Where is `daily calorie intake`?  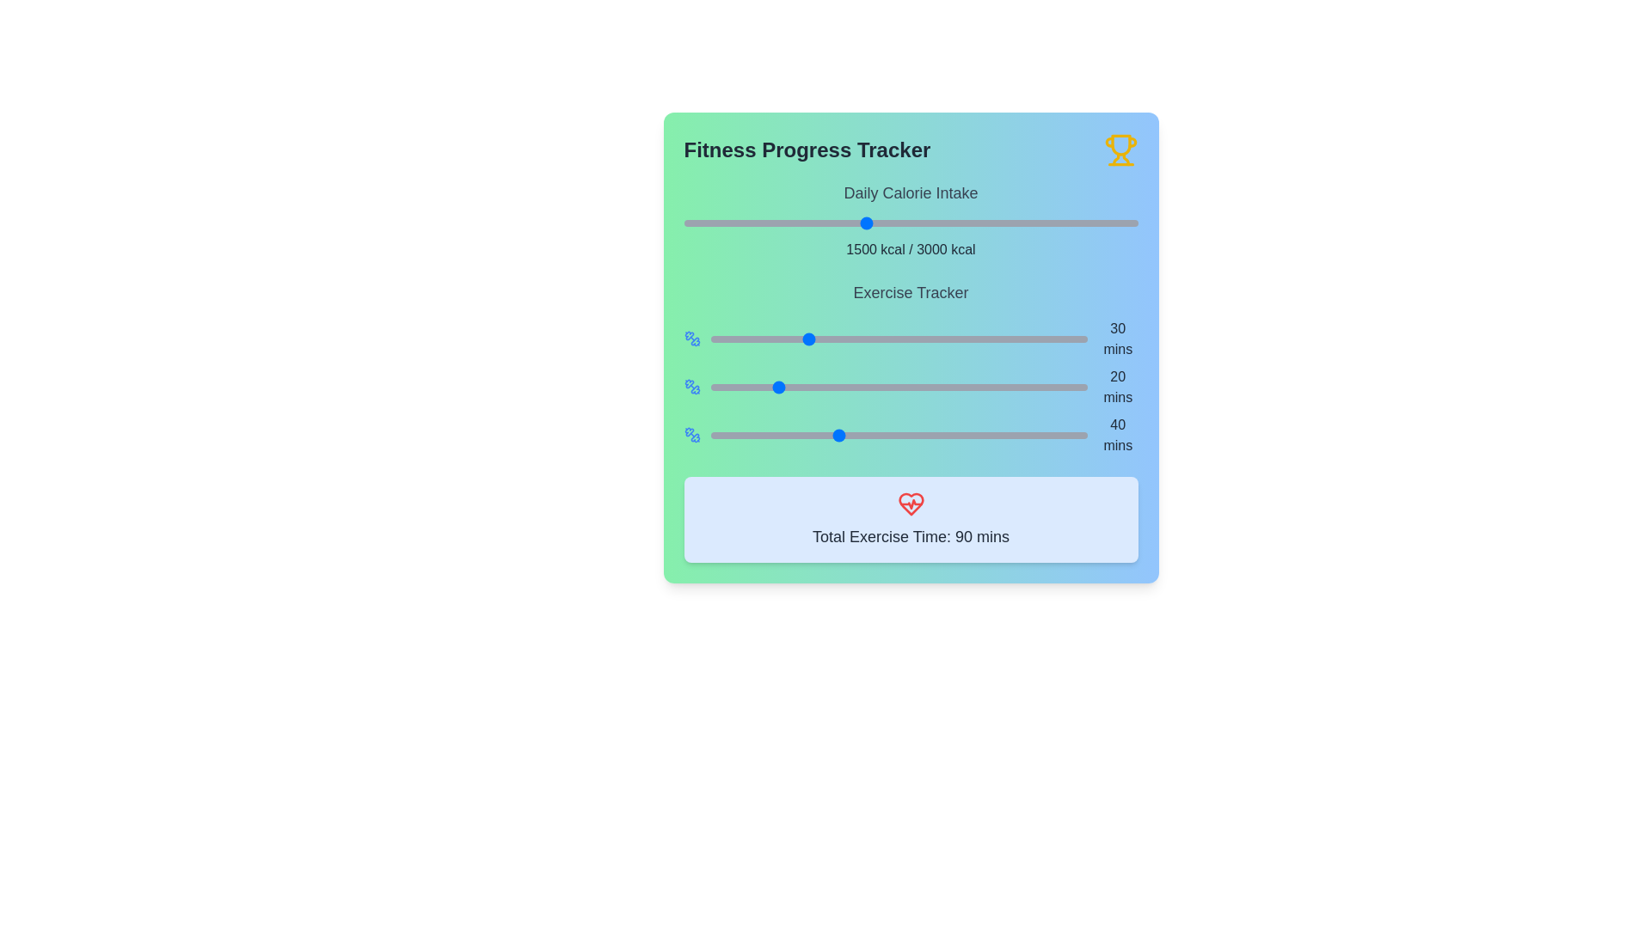
daily calorie intake is located at coordinates (1082, 222).